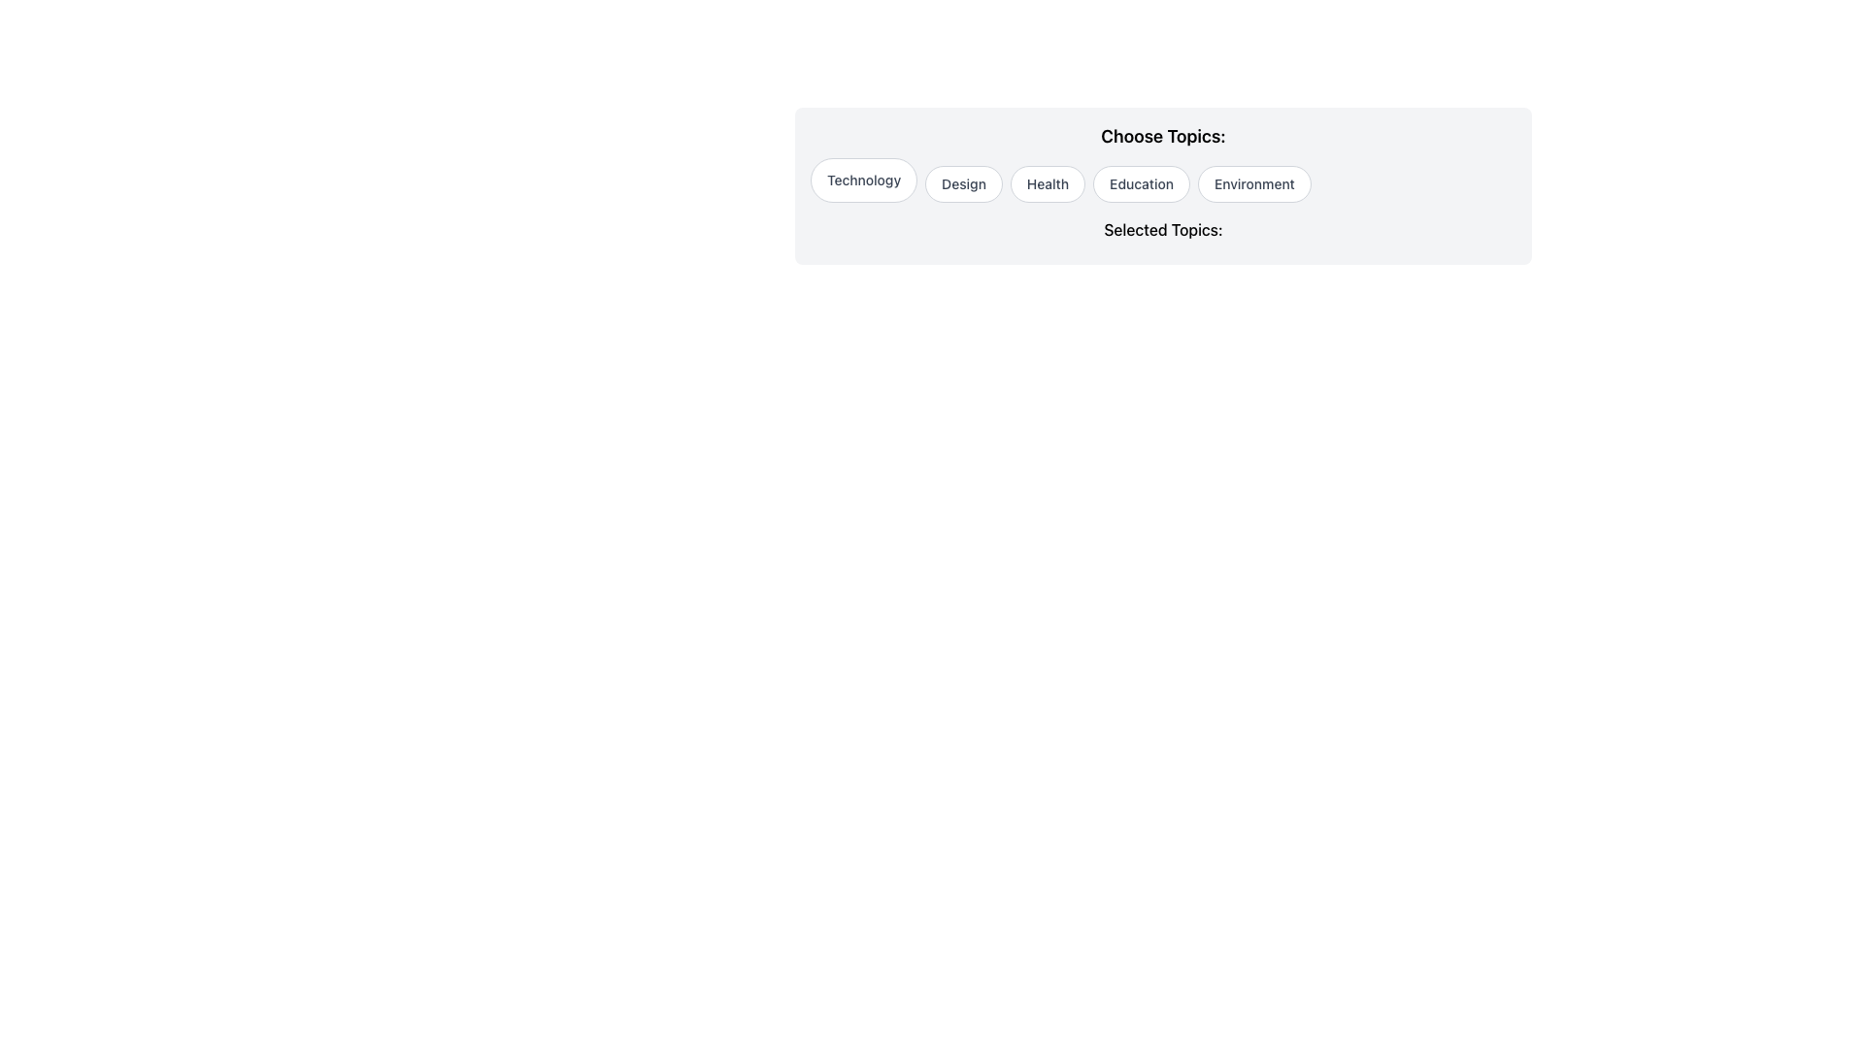 This screenshot has width=1864, height=1048. Describe the element at coordinates (1047, 183) in the screenshot. I see `the 'Health' button, which is the third button from the left in the 'Choose Topics' section` at that location.